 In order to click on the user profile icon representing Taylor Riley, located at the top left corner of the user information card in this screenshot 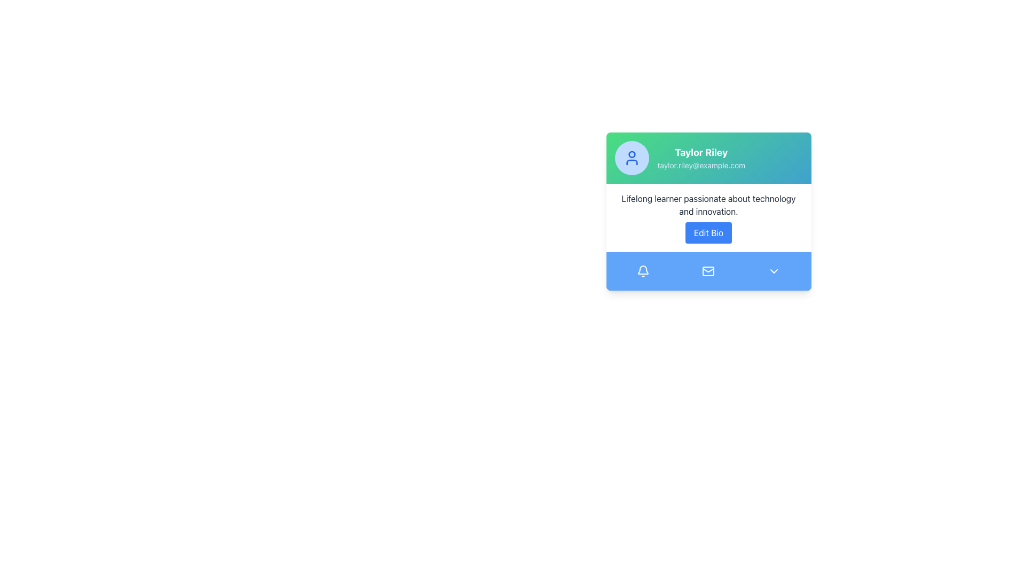, I will do `click(632, 158)`.